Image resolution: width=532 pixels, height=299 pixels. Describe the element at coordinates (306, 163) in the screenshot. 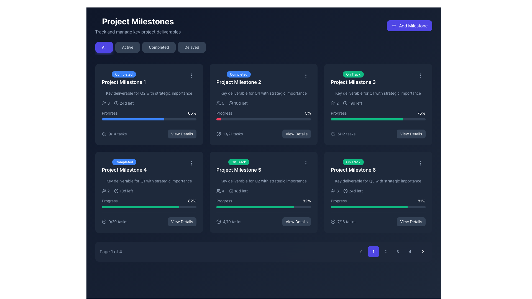

I see `the icon-based button in the top-right corner of the 'Project Milestone 5' card` at that location.